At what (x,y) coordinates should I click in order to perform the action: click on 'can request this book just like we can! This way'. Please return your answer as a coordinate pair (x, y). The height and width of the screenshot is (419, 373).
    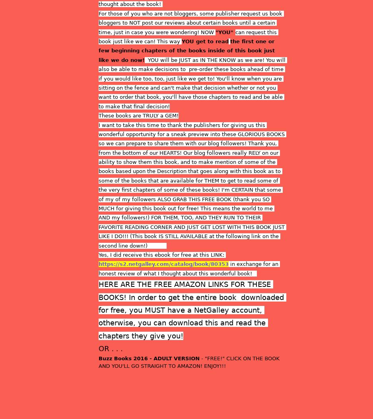
    Looking at the image, I should click on (188, 36).